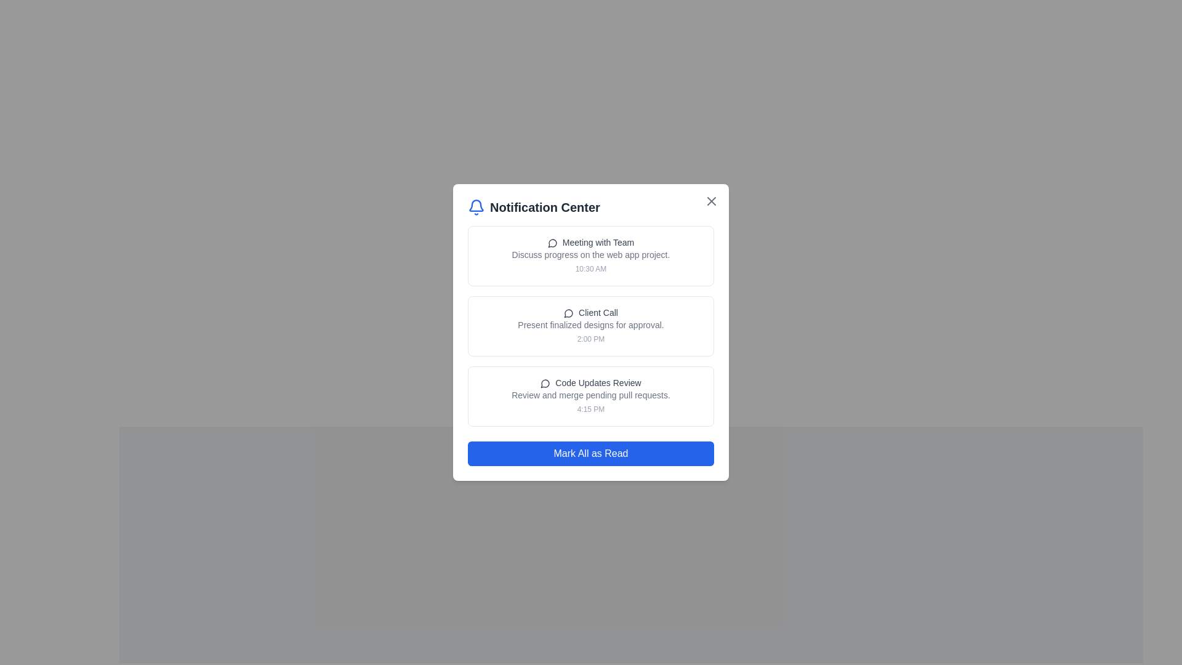  Describe the element at coordinates (591, 242) in the screenshot. I see `text of the notification title located at the top section of the notification list in the Notification Center popup, which is the first item above the description text 'Discuss progress on the web app project.'` at that location.